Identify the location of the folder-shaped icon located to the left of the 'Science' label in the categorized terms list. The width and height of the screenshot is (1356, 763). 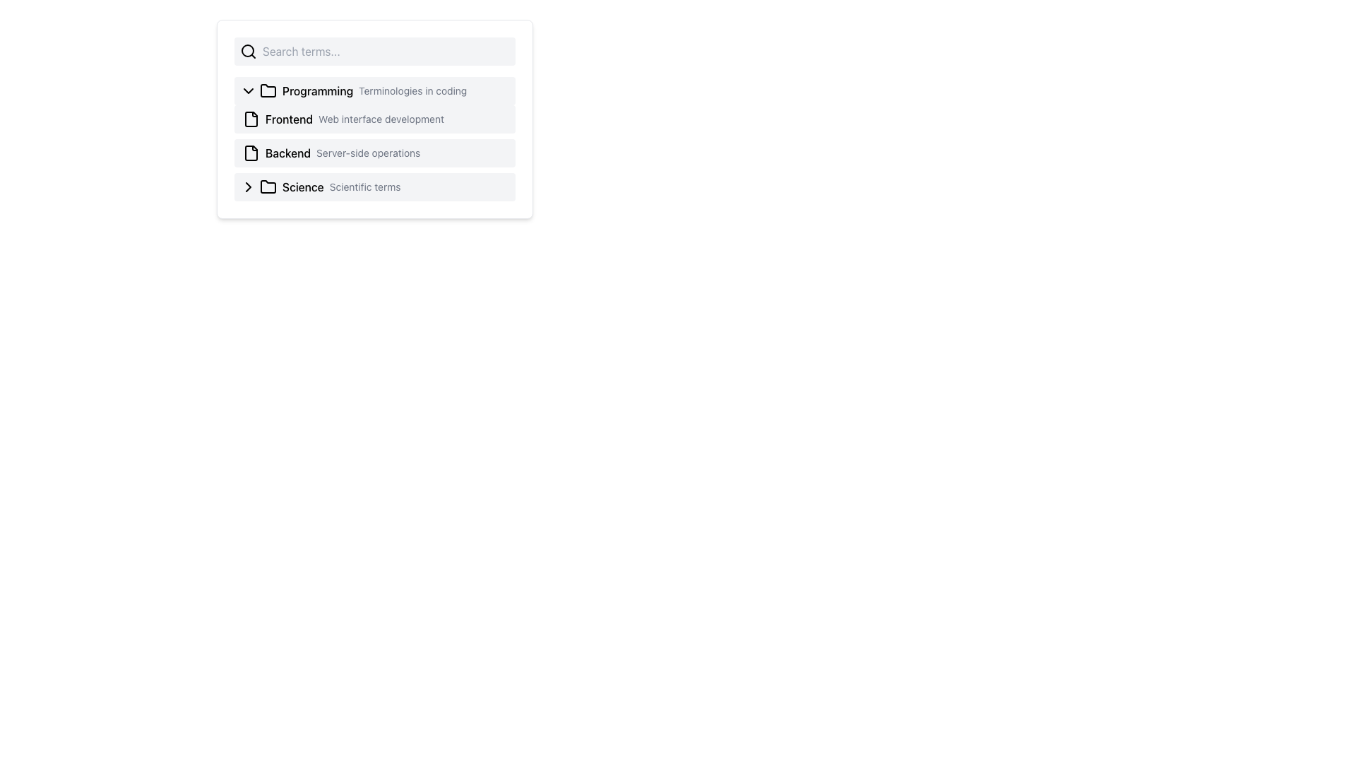
(268, 186).